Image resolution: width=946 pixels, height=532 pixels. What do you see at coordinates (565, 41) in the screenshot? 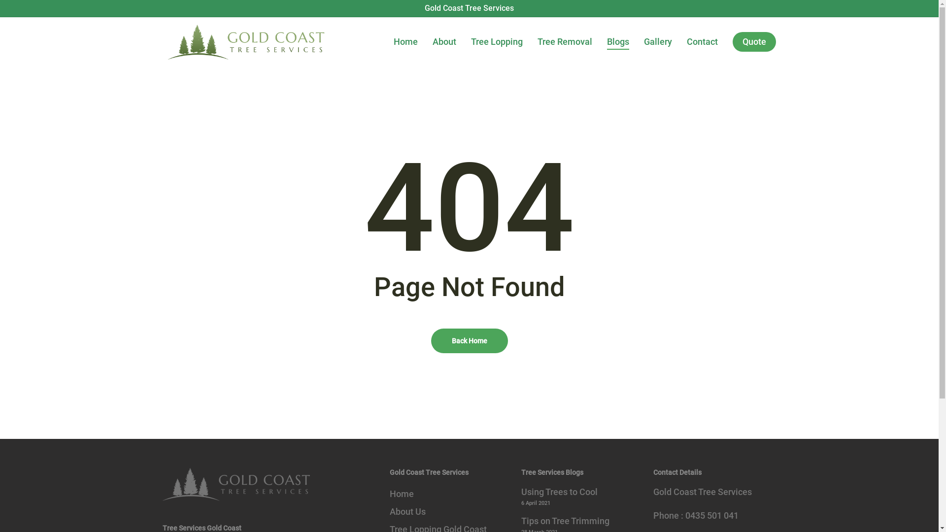
I see `'Tree Removal'` at bounding box center [565, 41].